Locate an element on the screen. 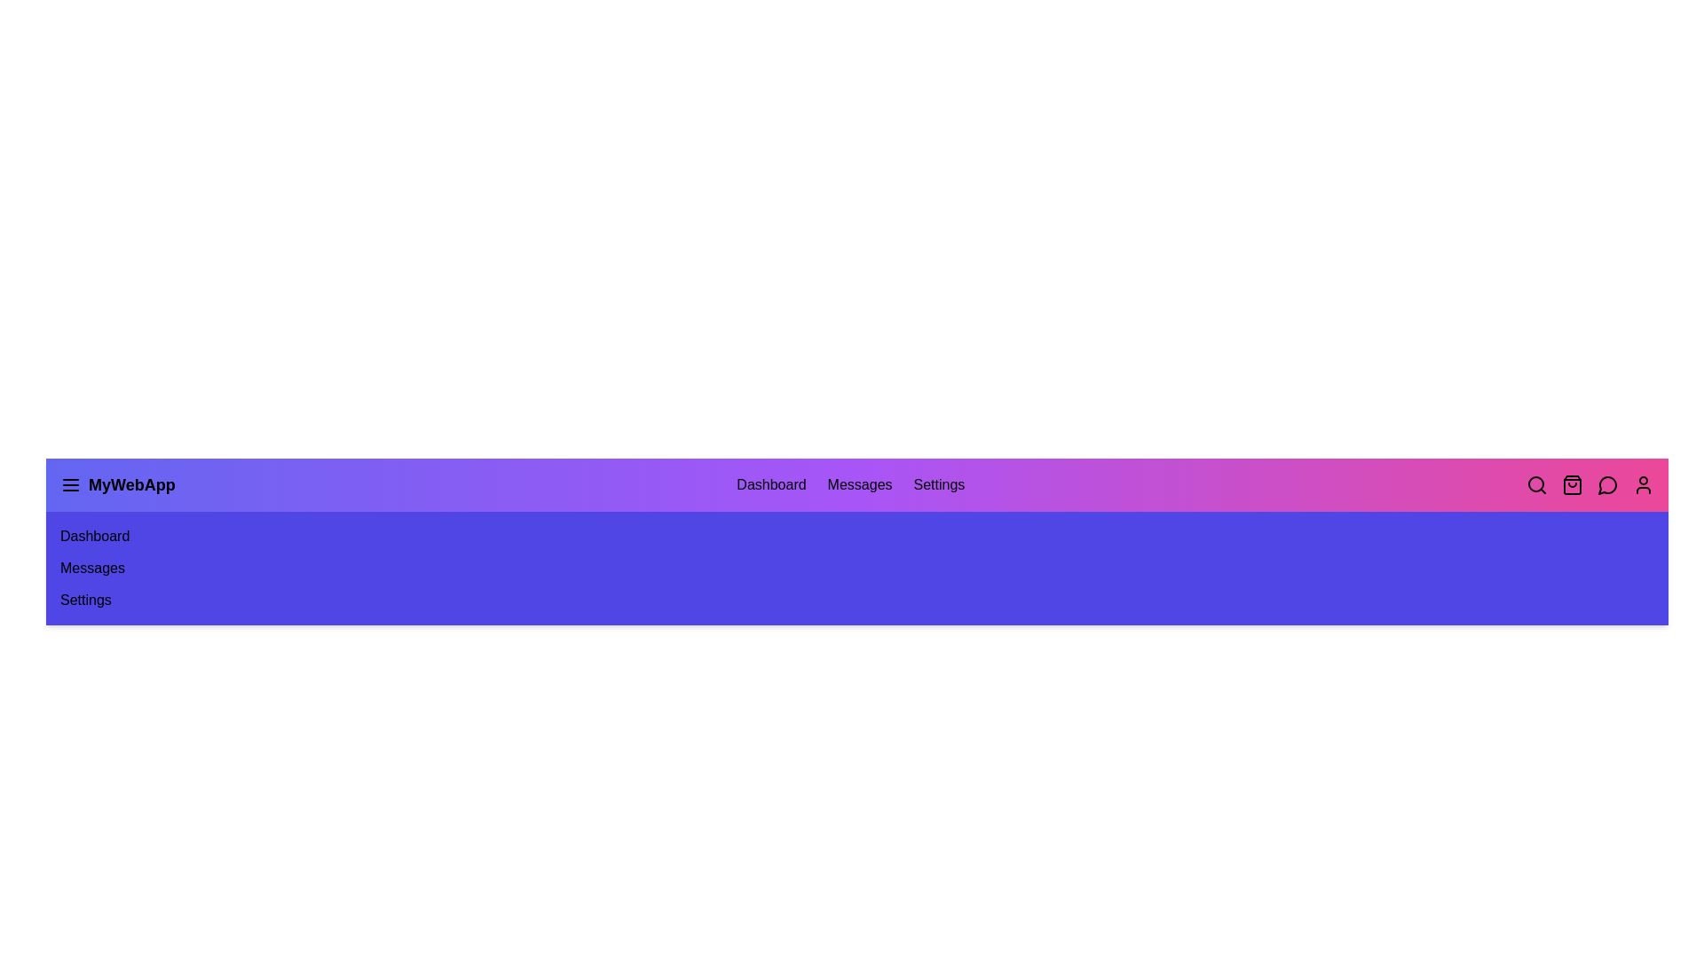  the menu item Dashboard to observe the hover effect is located at coordinates (771, 485).